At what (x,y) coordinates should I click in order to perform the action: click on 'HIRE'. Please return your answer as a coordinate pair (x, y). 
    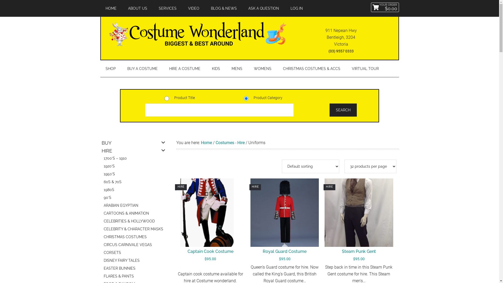
    Looking at the image, I should click on (132, 151).